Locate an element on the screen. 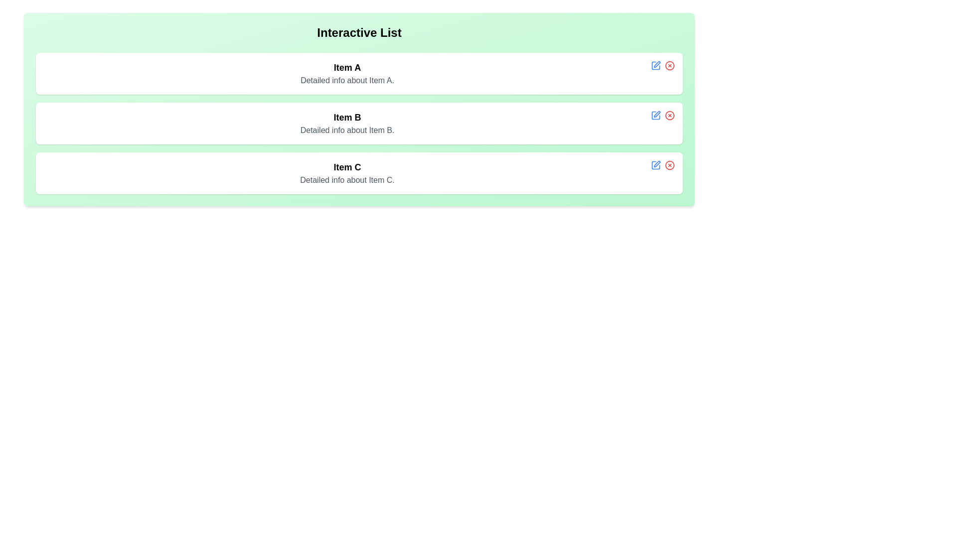  the text content element displaying 'Item C' is located at coordinates (347, 172).